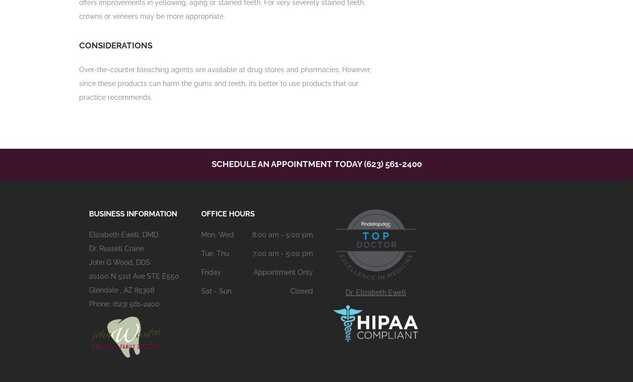 This screenshot has height=382, width=633. I want to click on '8:00 am', so click(265, 234).